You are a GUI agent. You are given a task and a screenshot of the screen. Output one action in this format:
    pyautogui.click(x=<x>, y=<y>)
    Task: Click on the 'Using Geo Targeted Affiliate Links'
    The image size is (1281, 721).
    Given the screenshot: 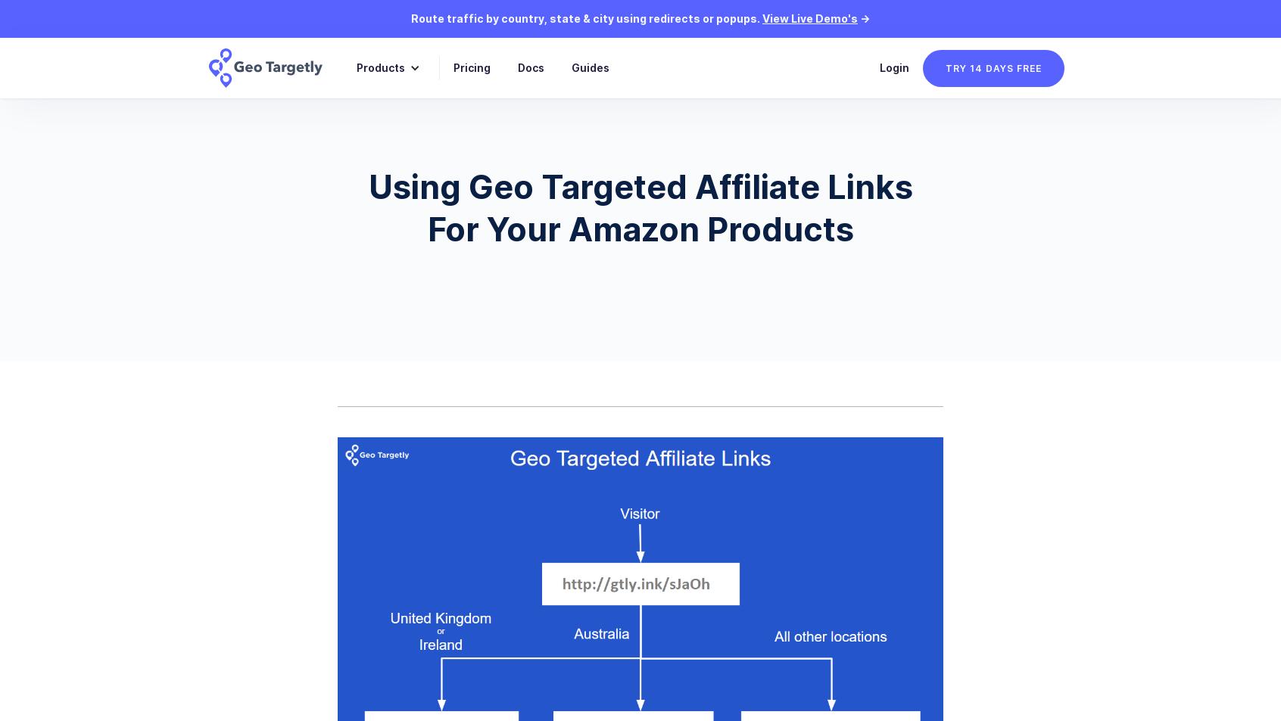 What is the action you would take?
    pyautogui.click(x=640, y=186)
    